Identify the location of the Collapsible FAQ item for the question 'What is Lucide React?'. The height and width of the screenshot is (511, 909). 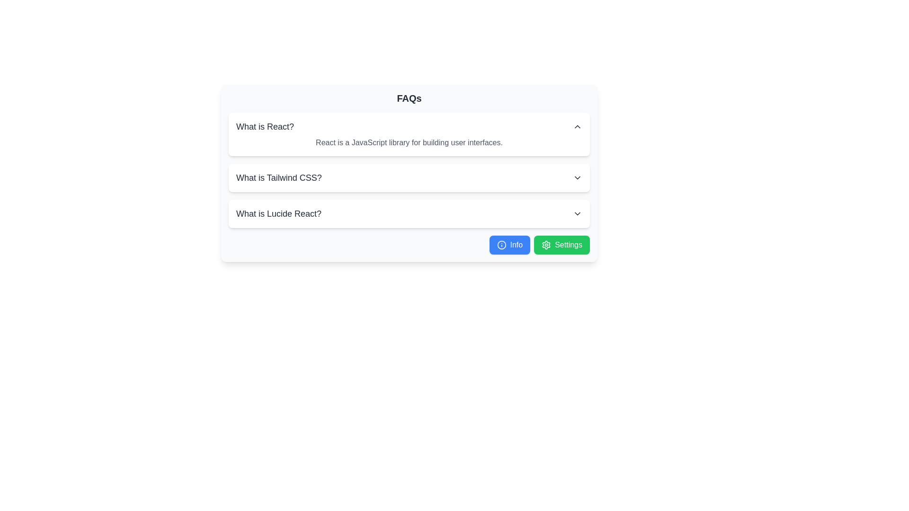
(409, 213).